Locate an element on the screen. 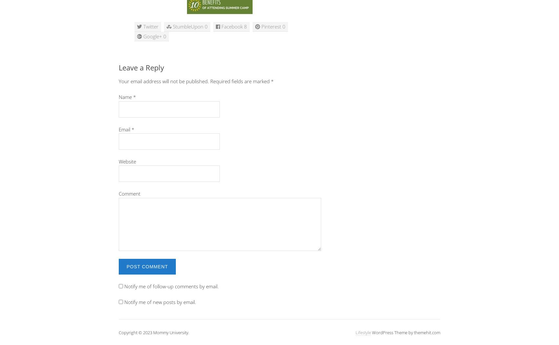  'Notify me of follow-up comments by email.' is located at coordinates (171, 286).